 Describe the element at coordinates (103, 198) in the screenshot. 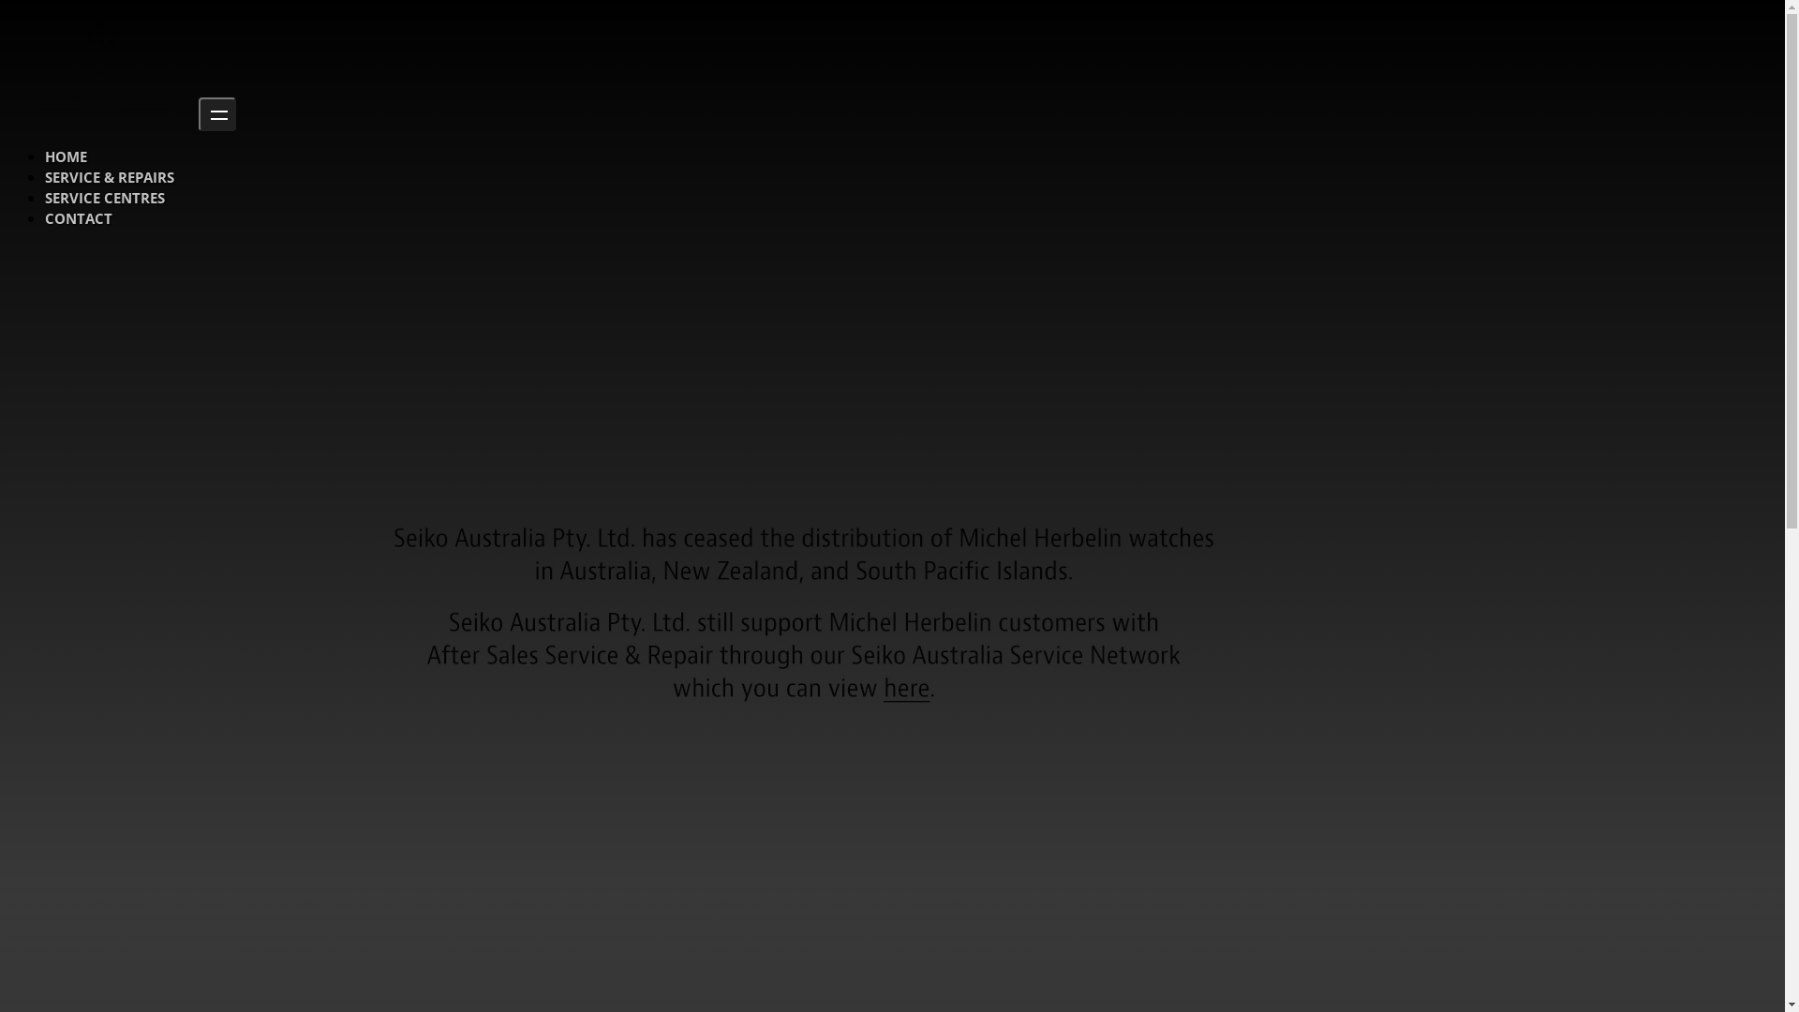

I see `'SERVICE CENTRES'` at that location.